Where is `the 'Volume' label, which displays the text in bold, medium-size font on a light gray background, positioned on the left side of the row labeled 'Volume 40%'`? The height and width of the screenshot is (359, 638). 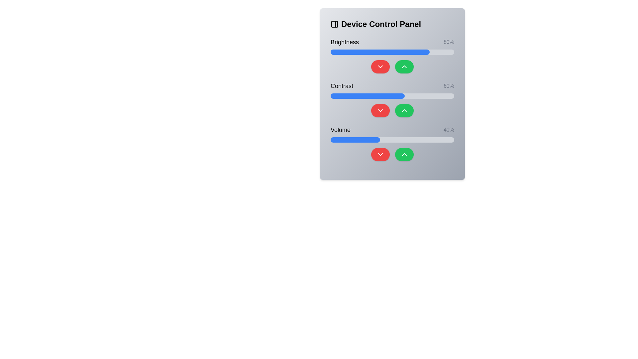
the 'Volume' label, which displays the text in bold, medium-size font on a light gray background, positioned on the left side of the row labeled 'Volume 40%' is located at coordinates (341, 130).